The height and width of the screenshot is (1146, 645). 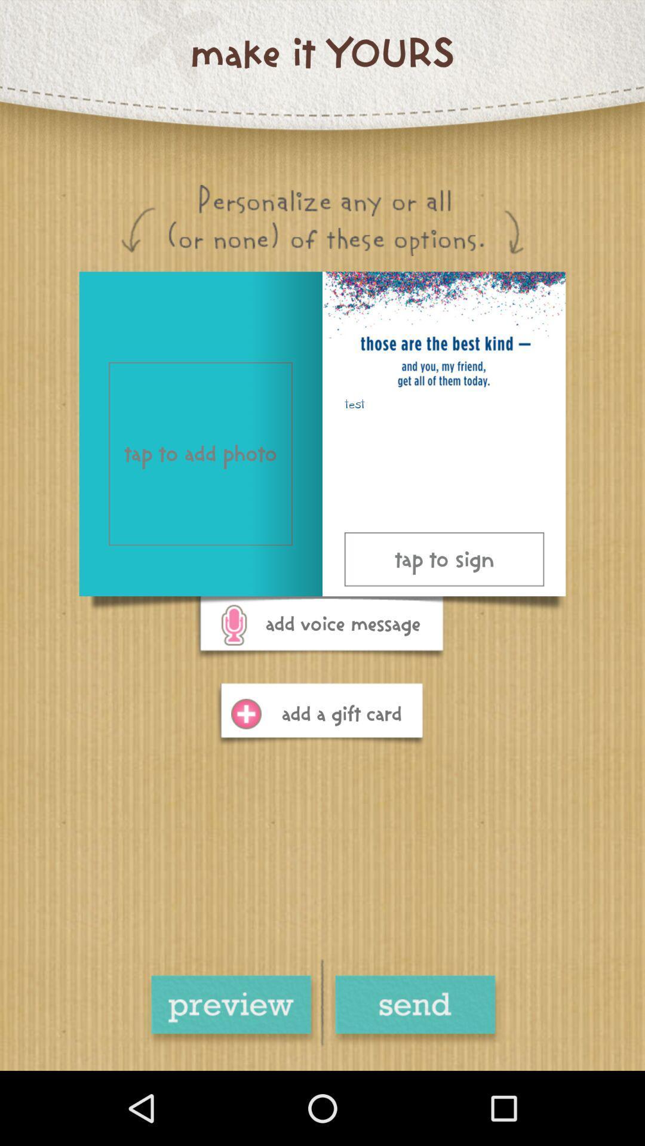 What do you see at coordinates (414, 1010) in the screenshot?
I see `the fullscreen icon` at bounding box center [414, 1010].